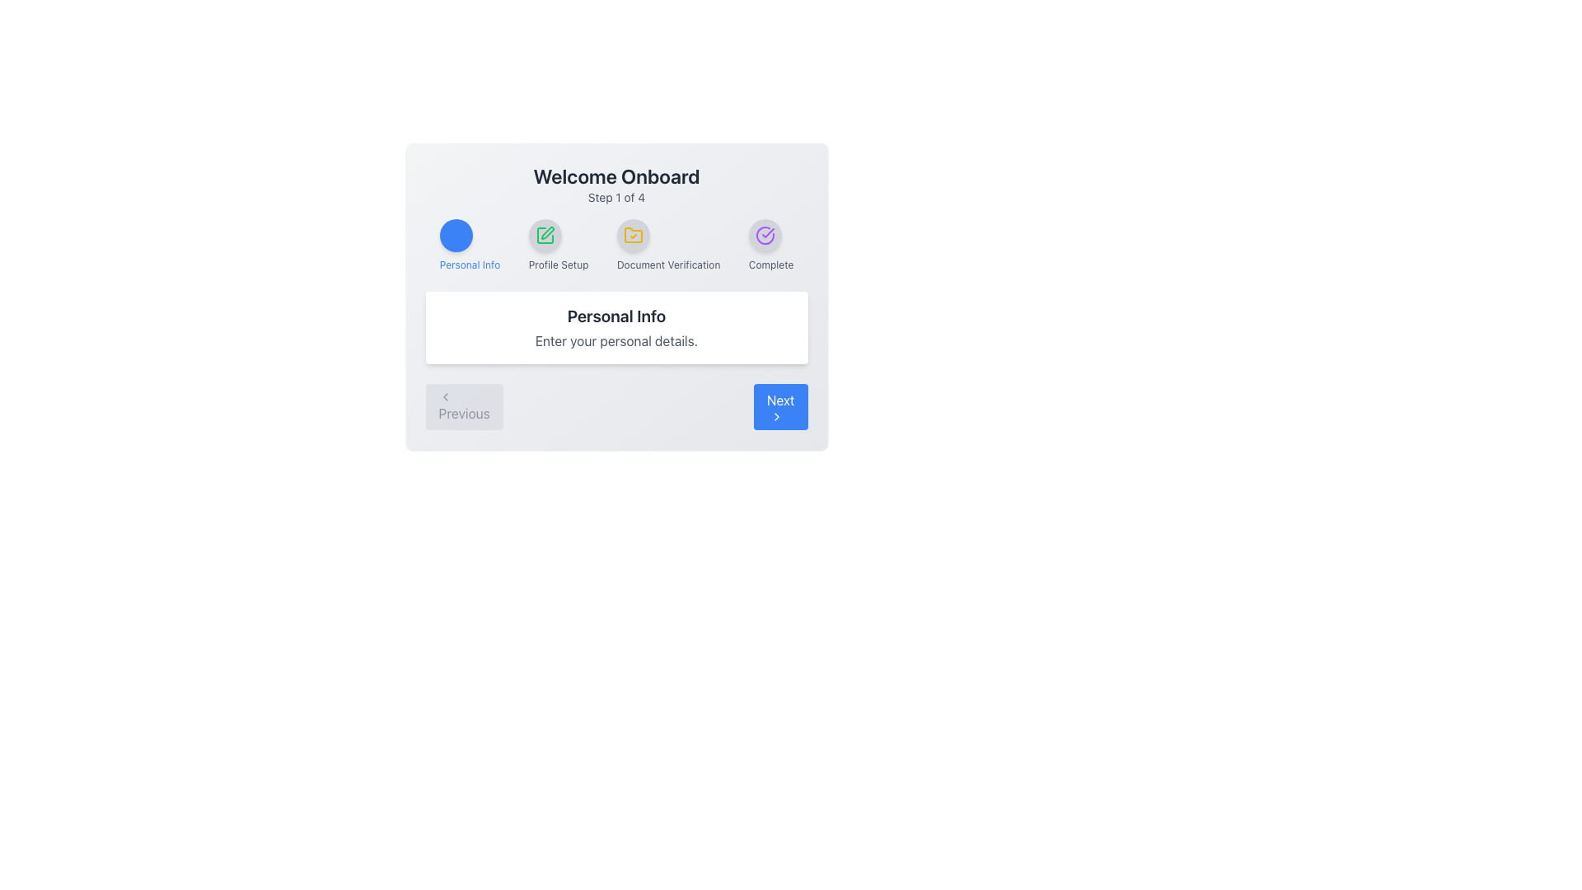 The image size is (1582, 890). What do you see at coordinates (775, 415) in the screenshot?
I see `the chevron icon located within the 'Next' button to observe any visual changes` at bounding box center [775, 415].